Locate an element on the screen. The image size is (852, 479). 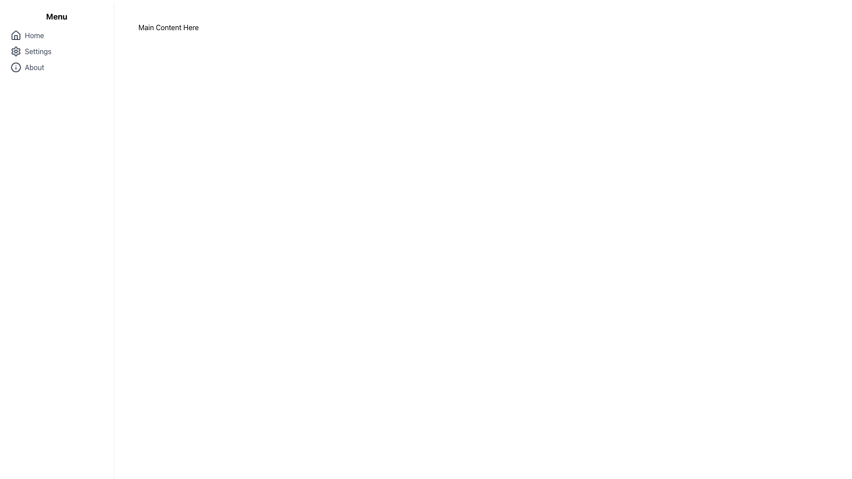
the 'Home' icon located in the left sidebar navigation menu, which serves as an entry point to the main page or dashboard of the application is located at coordinates (16, 34).